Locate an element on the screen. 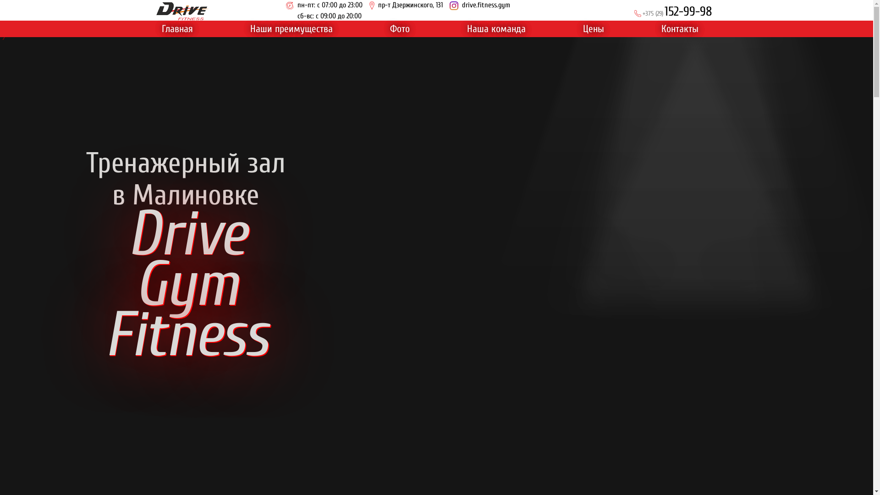 This screenshot has width=880, height=495. '+375 (29) is located at coordinates (673, 11).